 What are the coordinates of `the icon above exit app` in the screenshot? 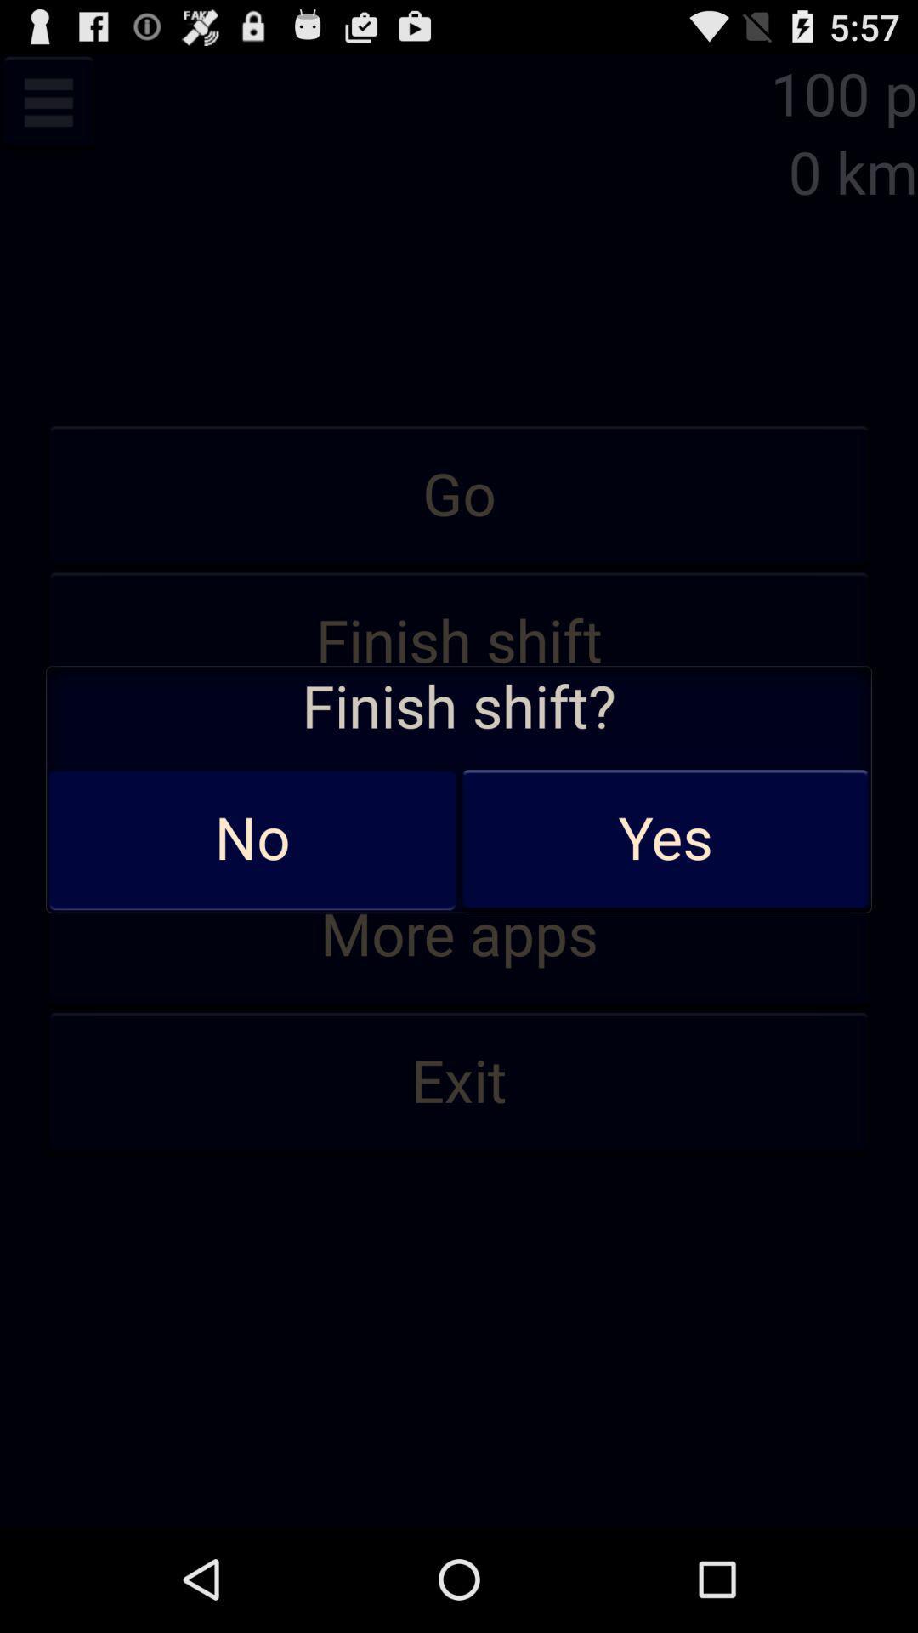 It's located at (459, 935).